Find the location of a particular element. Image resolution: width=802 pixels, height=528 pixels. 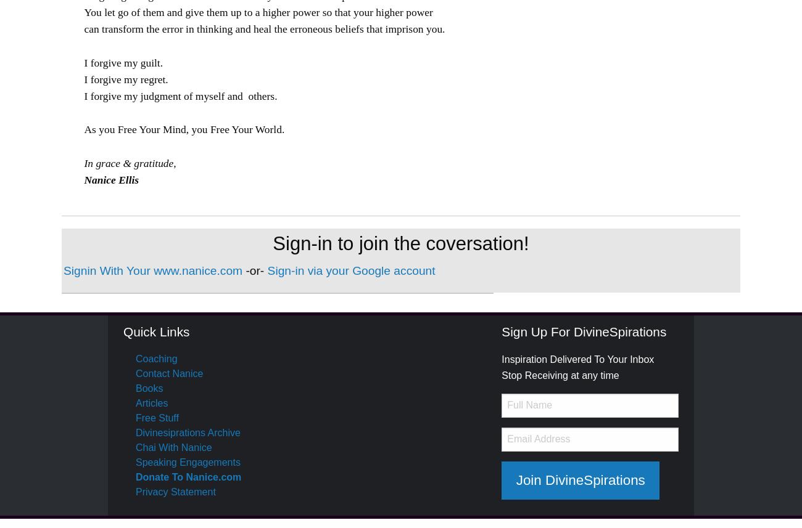

'Sign-in via your Google account' is located at coordinates (350, 270).